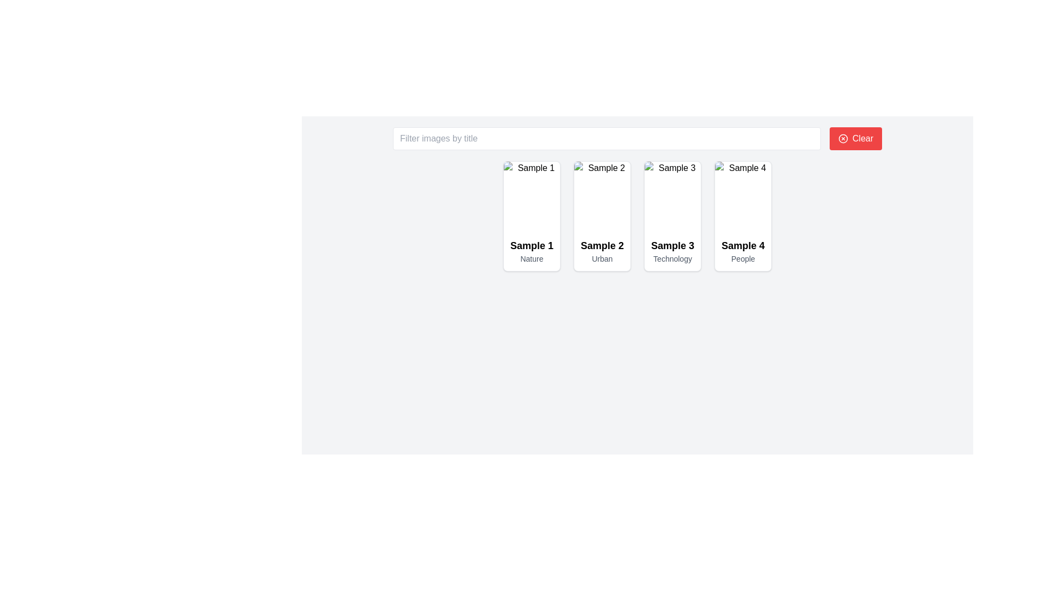 The width and height of the screenshot is (1048, 590). Describe the element at coordinates (602, 259) in the screenshot. I see `descriptive text located directly below the header 'Sample 2' in the second card of the horizontally arranged series of cards` at that location.